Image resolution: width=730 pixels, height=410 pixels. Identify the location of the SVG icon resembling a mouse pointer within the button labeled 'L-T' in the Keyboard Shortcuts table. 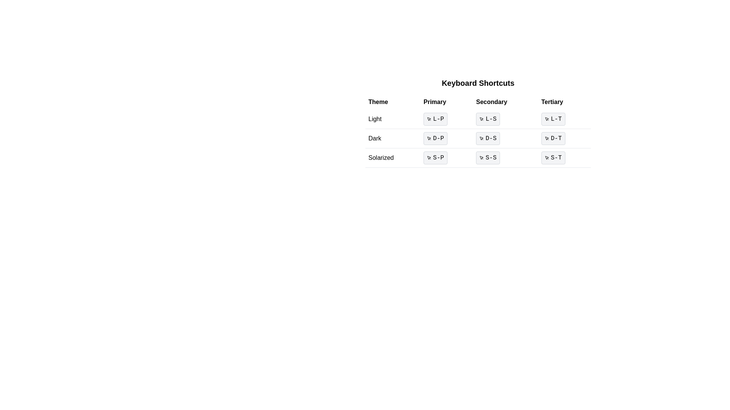
(546, 119).